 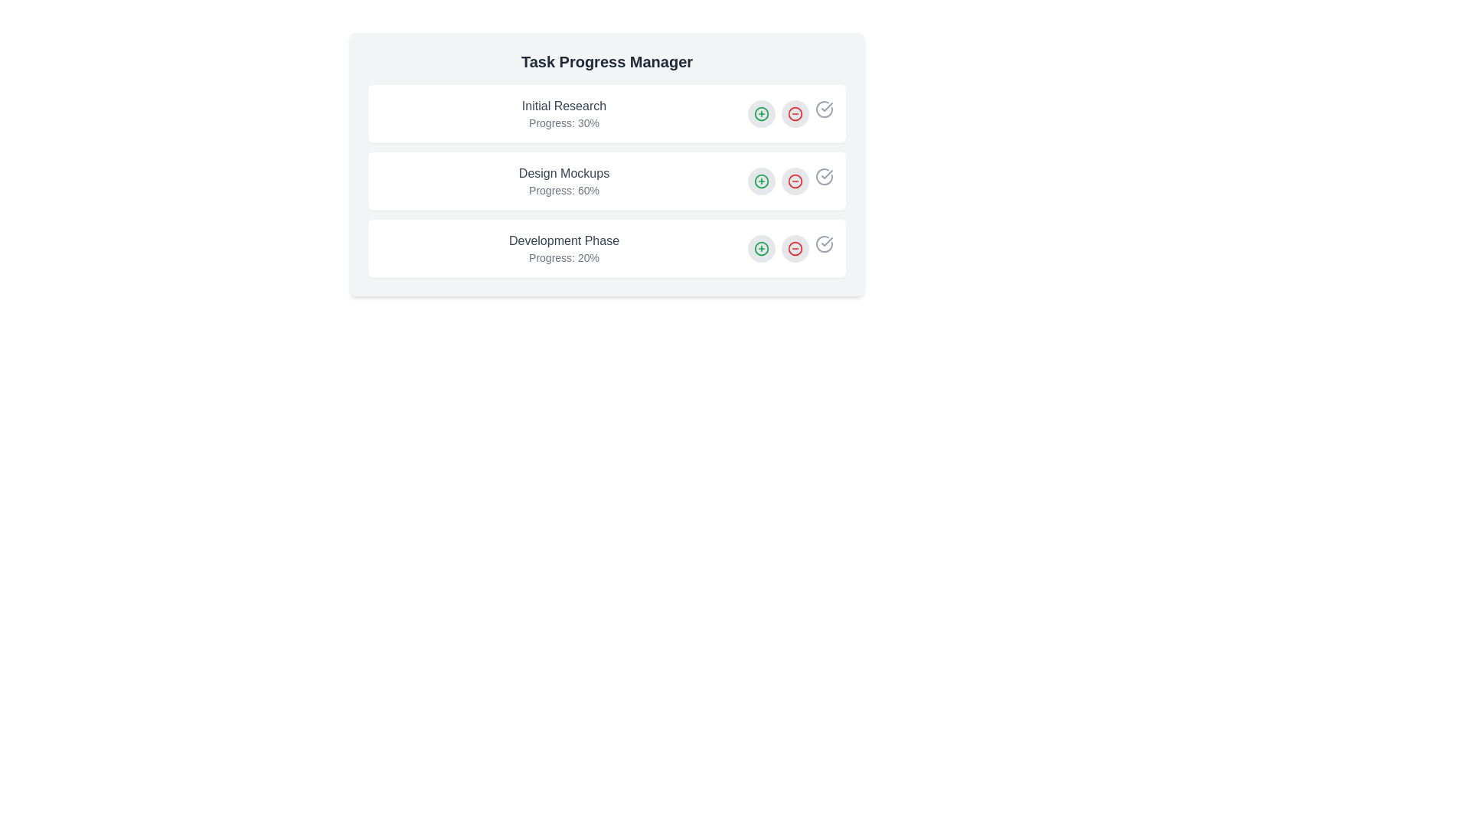 What do you see at coordinates (563, 123) in the screenshot?
I see `the text label element that displays 'Progress: 30%' located beneath the 'Initial Research' card in the task management interface` at bounding box center [563, 123].